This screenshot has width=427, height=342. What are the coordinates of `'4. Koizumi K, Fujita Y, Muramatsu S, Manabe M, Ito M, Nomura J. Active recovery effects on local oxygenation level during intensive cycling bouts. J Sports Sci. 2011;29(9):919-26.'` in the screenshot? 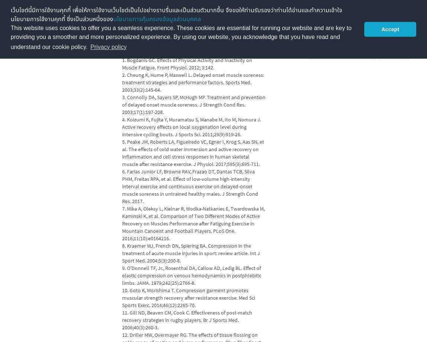 It's located at (191, 127).